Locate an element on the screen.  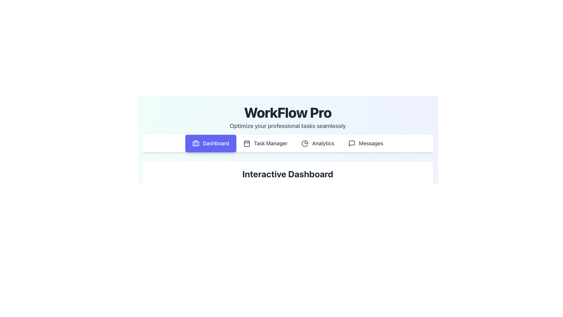
the calendar icon within the 'Task Manager' button is located at coordinates (247, 144).